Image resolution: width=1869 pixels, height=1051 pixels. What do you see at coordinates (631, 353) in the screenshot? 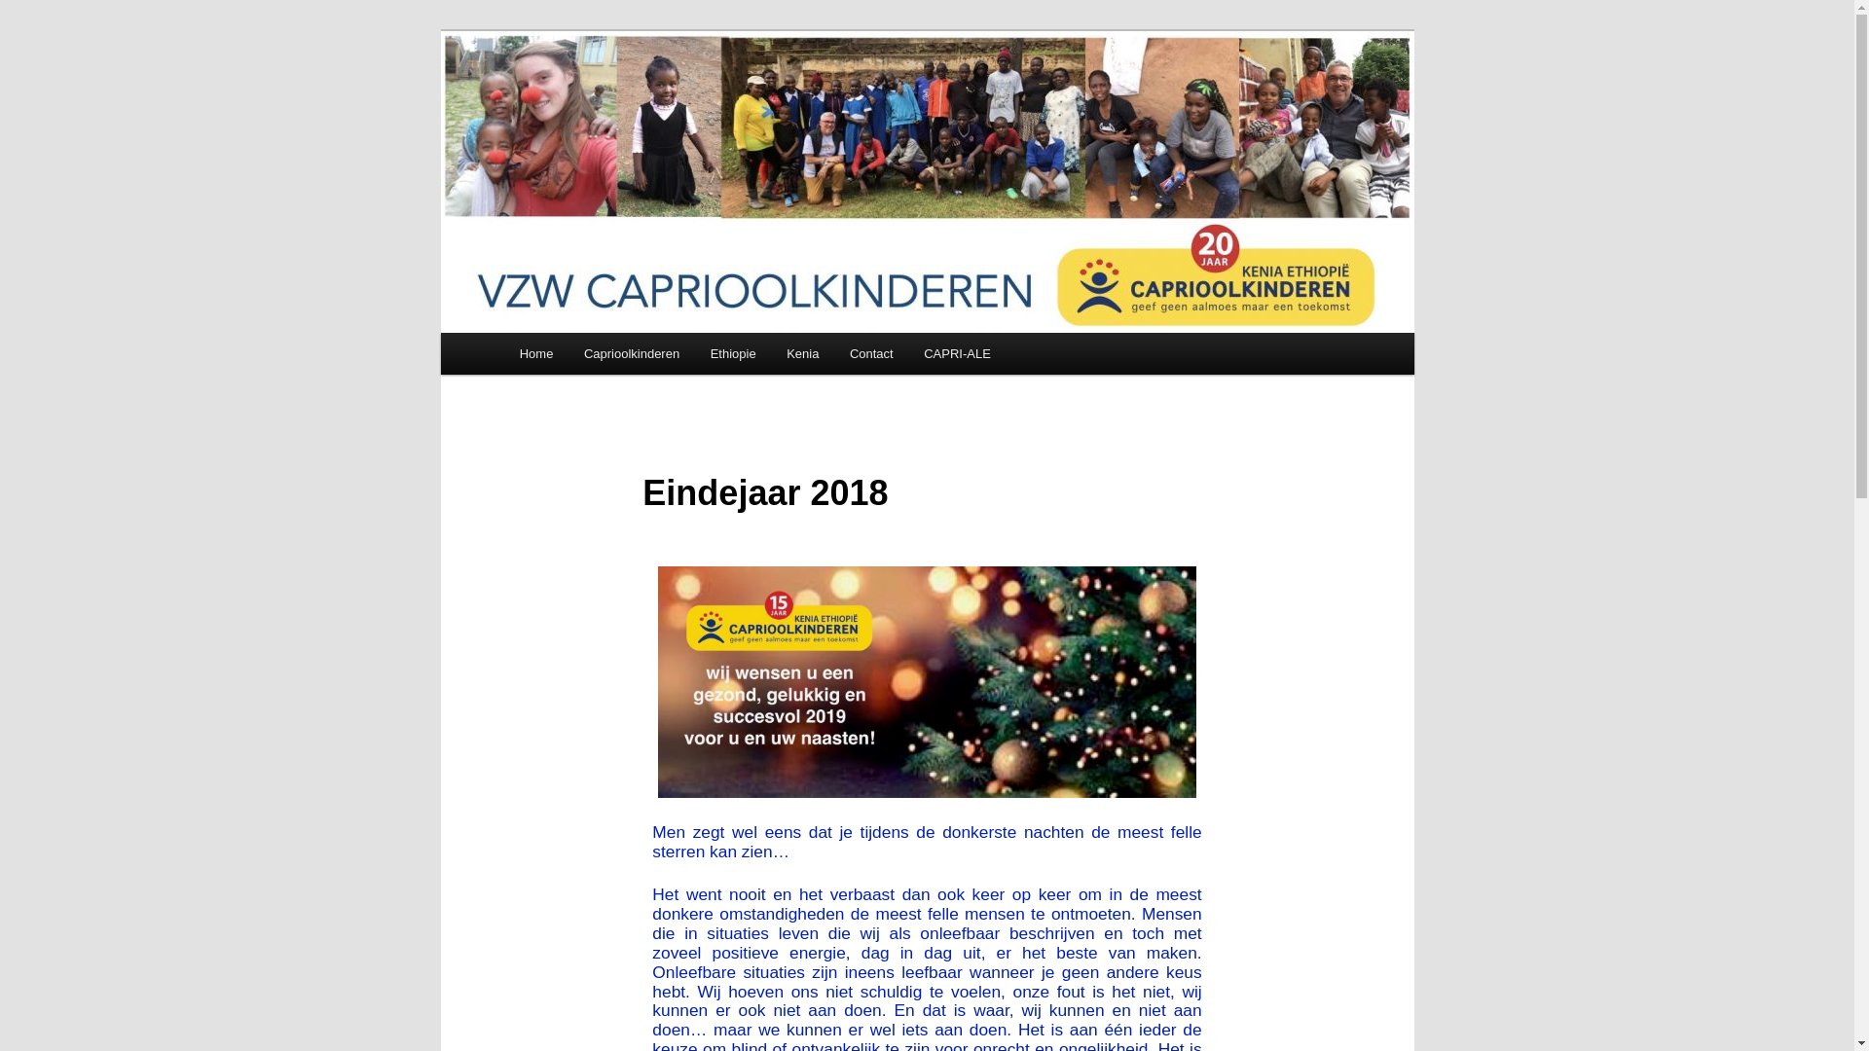
I see `'Caprioolkinderen'` at bounding box center [631, 353].